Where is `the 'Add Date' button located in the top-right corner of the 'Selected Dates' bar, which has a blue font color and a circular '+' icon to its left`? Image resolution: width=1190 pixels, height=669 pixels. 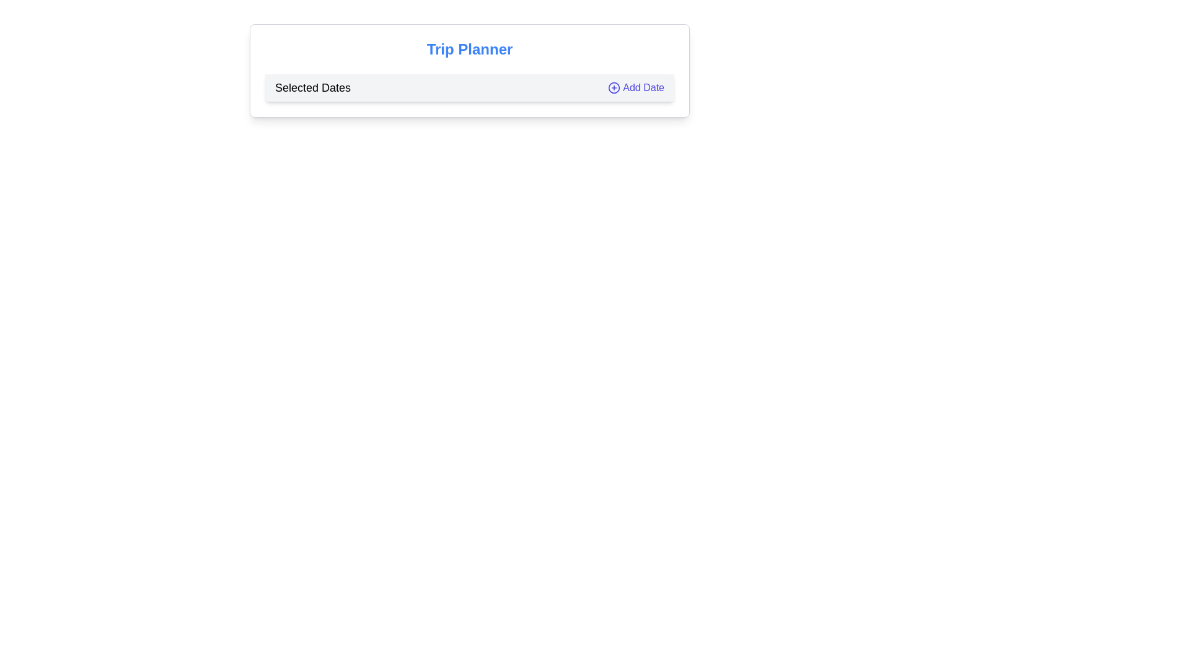 the 'Add Date' button located in the top-right corner of the 'Selected Dates' bar, which has a blue font color and a circular '+' icon to its left is located at coordinates (636, 87).